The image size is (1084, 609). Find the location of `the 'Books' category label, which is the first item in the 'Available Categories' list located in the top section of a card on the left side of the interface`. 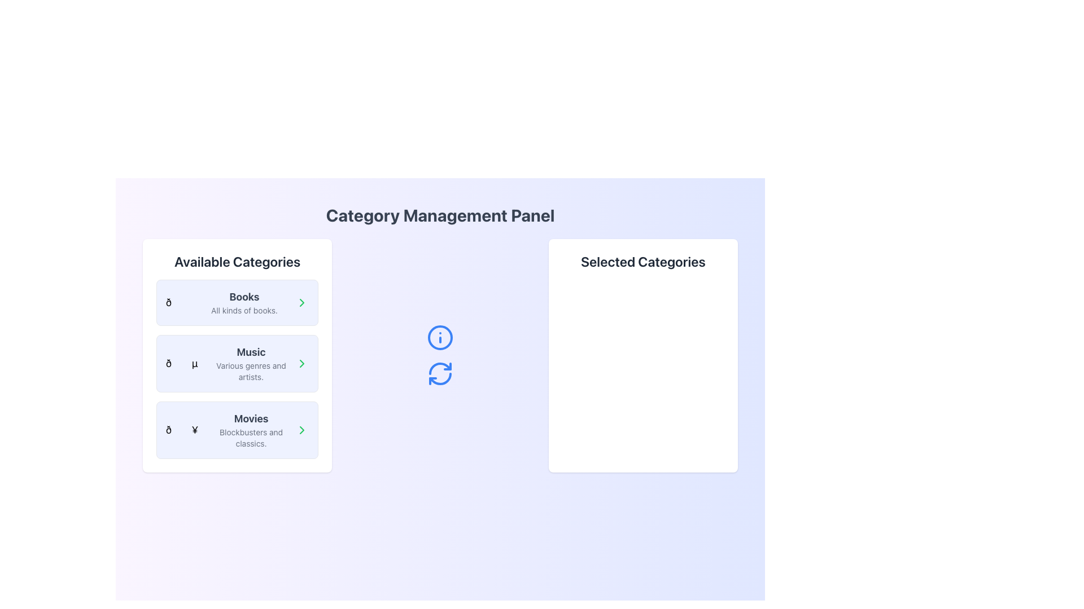

the 'Books' category label, which is the first item in the 'Available Categories' list located in the top section of a card on the left side of the interface is located at coordinates (243, 297).